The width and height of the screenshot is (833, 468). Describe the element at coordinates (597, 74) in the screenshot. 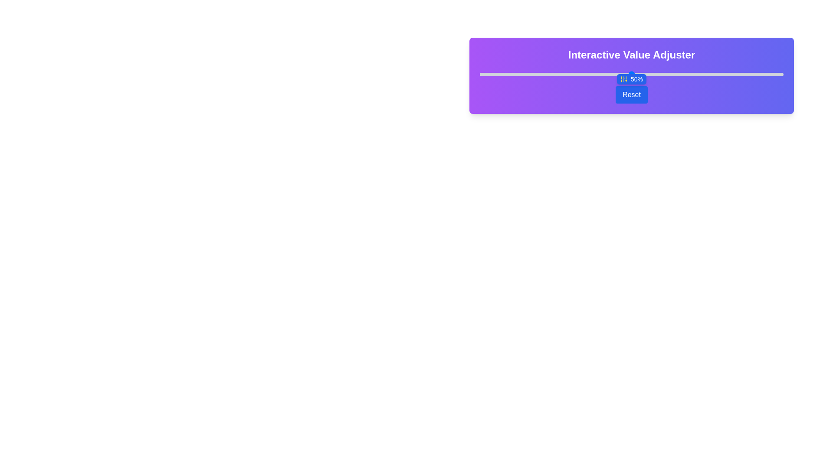

I see `the slider value` at that location.